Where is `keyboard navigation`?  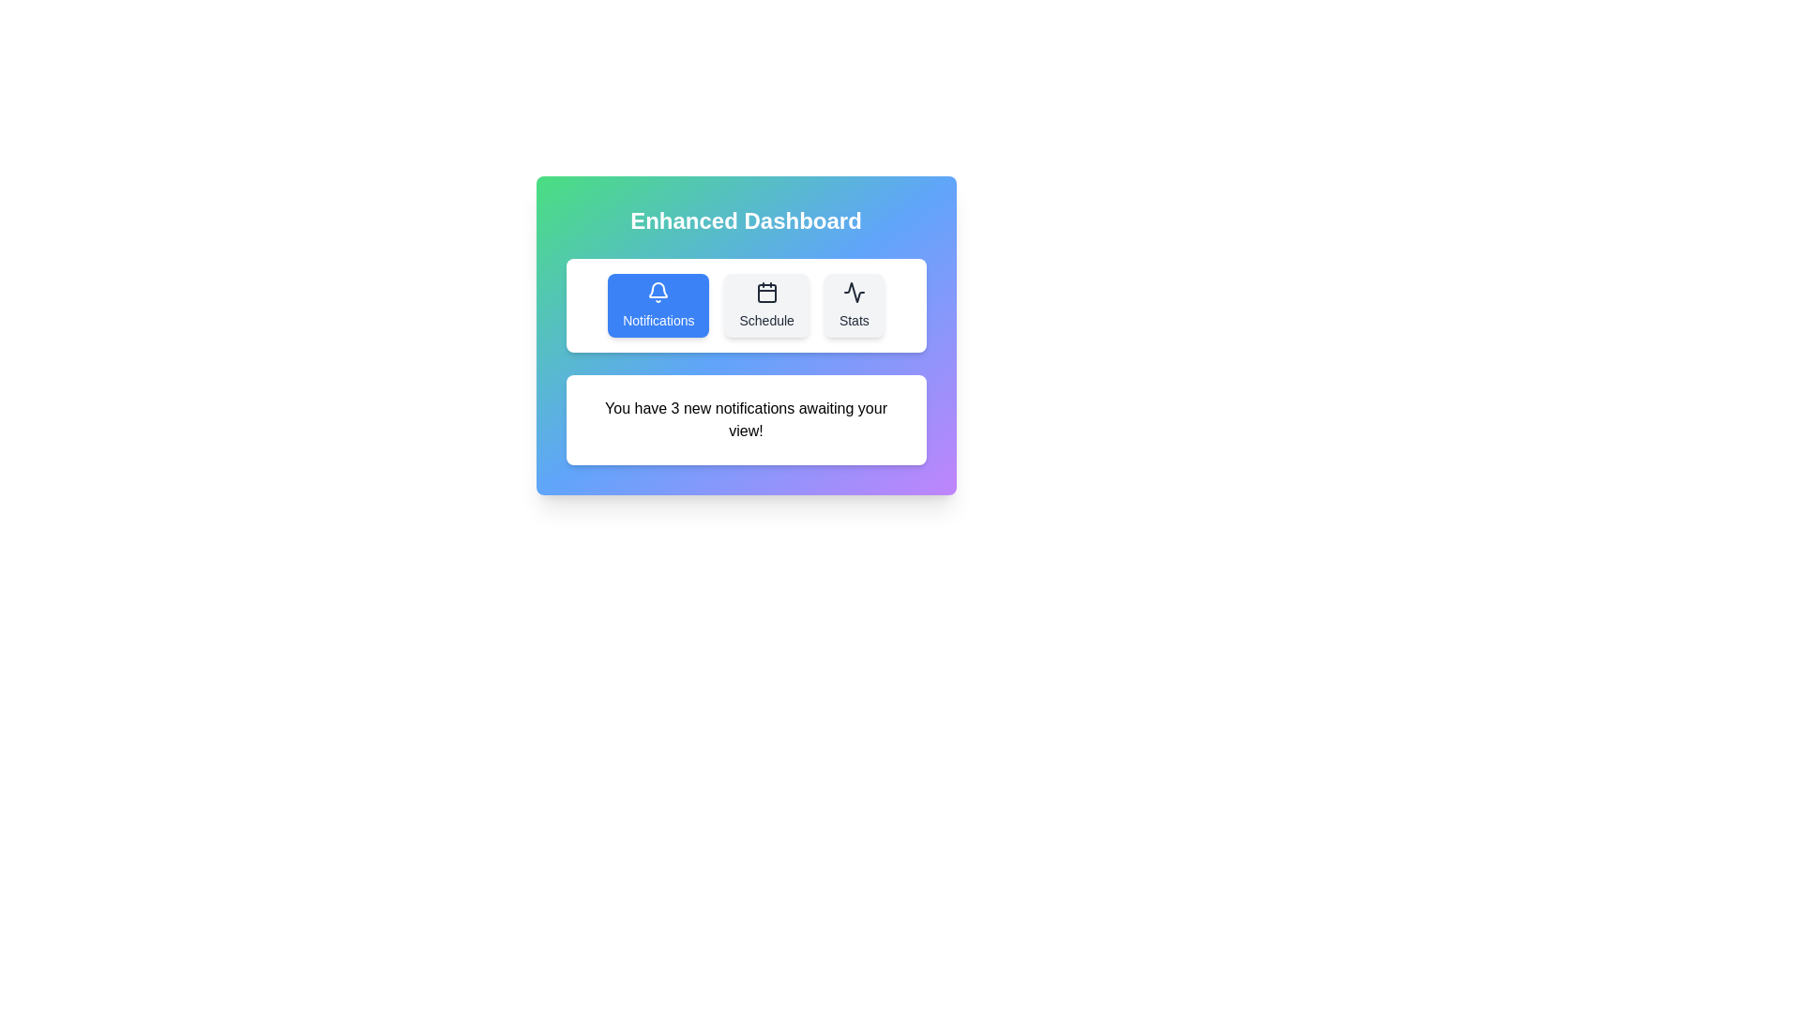 keyboard navigation is located at coordinates (658, 290).